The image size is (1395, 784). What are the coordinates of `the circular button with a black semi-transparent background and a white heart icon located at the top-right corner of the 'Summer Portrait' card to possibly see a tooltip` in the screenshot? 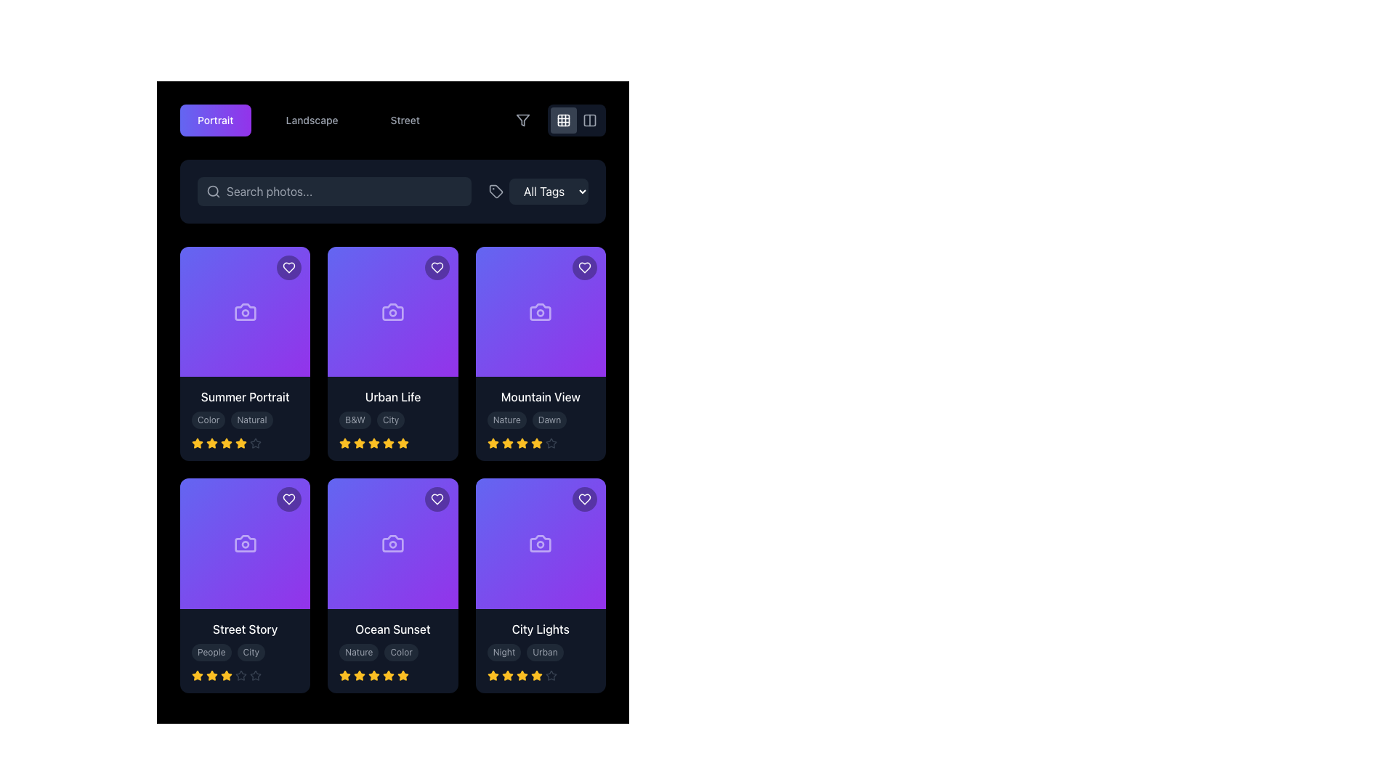 It's located at (289, 268).